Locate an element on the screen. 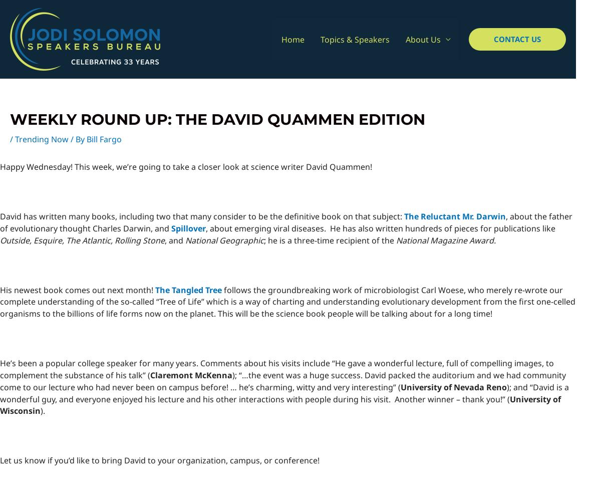 This screenshot has height=501, width=596. 'The Reluctant Mr. Darwin' is located at coordinates (455, 216).